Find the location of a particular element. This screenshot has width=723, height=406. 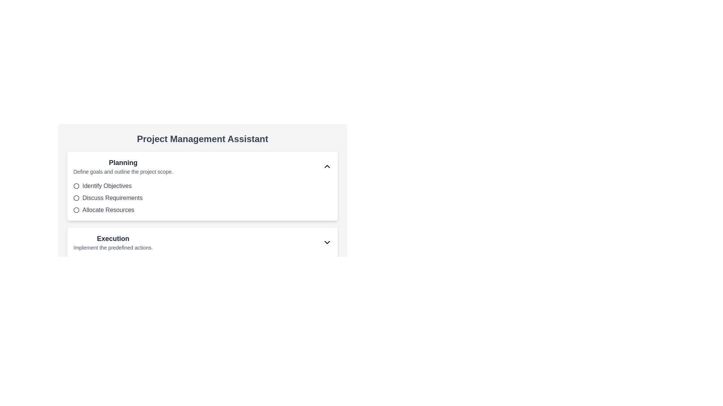

the item from the checklist in the 'Planning' section of the Collapsible Section with Checklist Items by clicking on it is located at coordinates (202, 186).